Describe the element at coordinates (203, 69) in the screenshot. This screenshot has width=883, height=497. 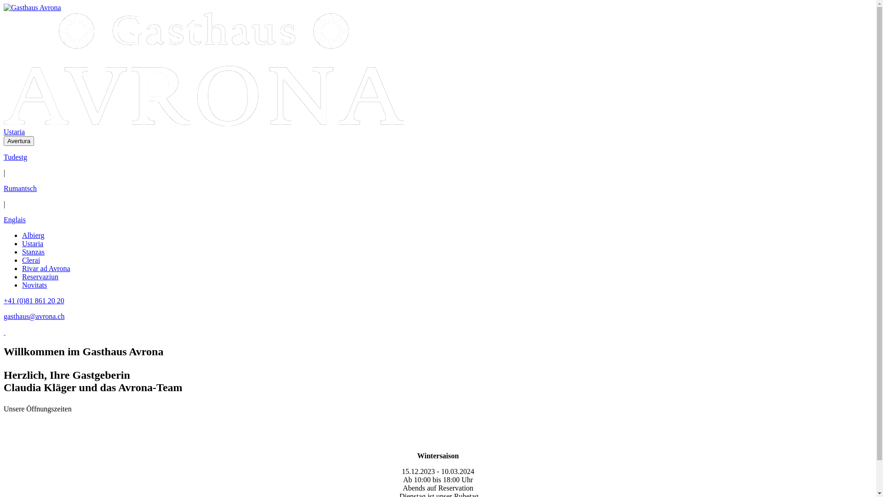
I see `'Gasthaus Avrona'` at that location.